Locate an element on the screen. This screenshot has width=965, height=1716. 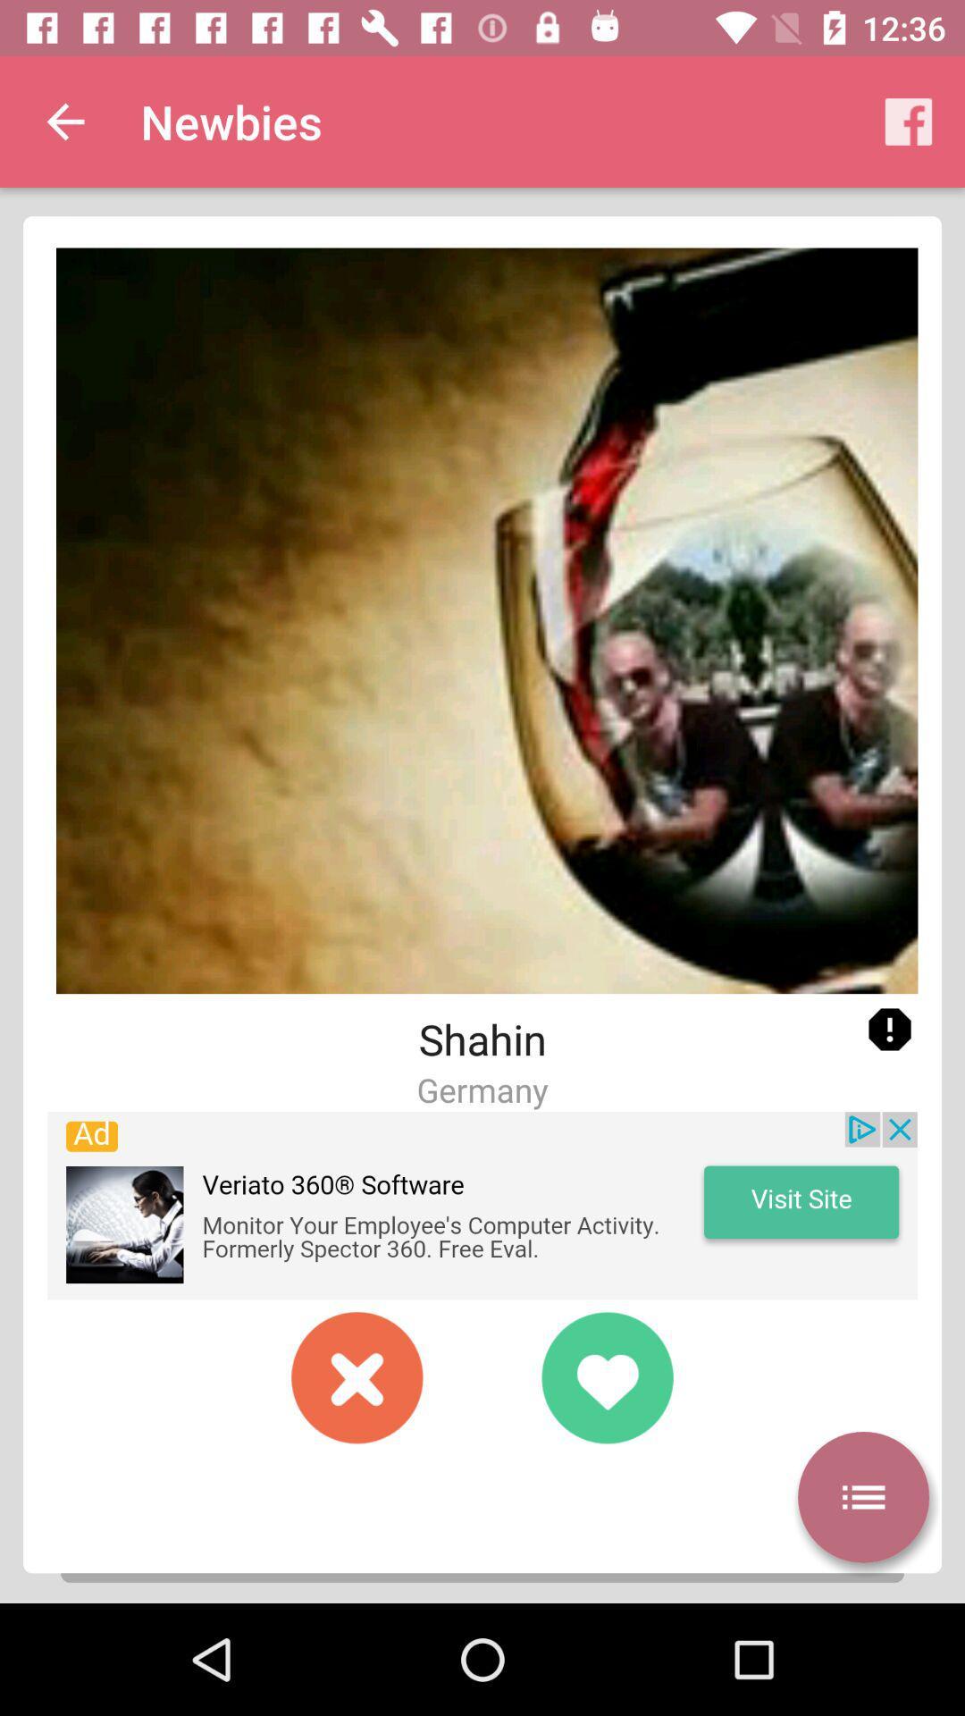
info about the context is located at coordinates (889, 1030).